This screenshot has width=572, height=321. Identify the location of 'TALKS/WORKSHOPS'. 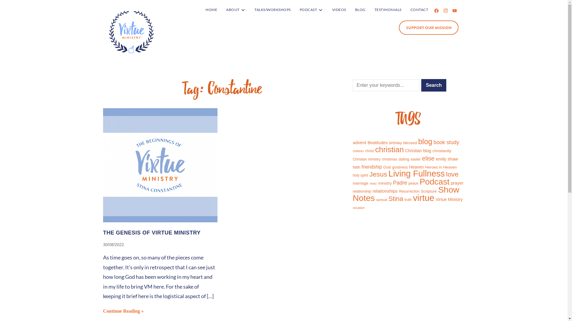
(272, 10).